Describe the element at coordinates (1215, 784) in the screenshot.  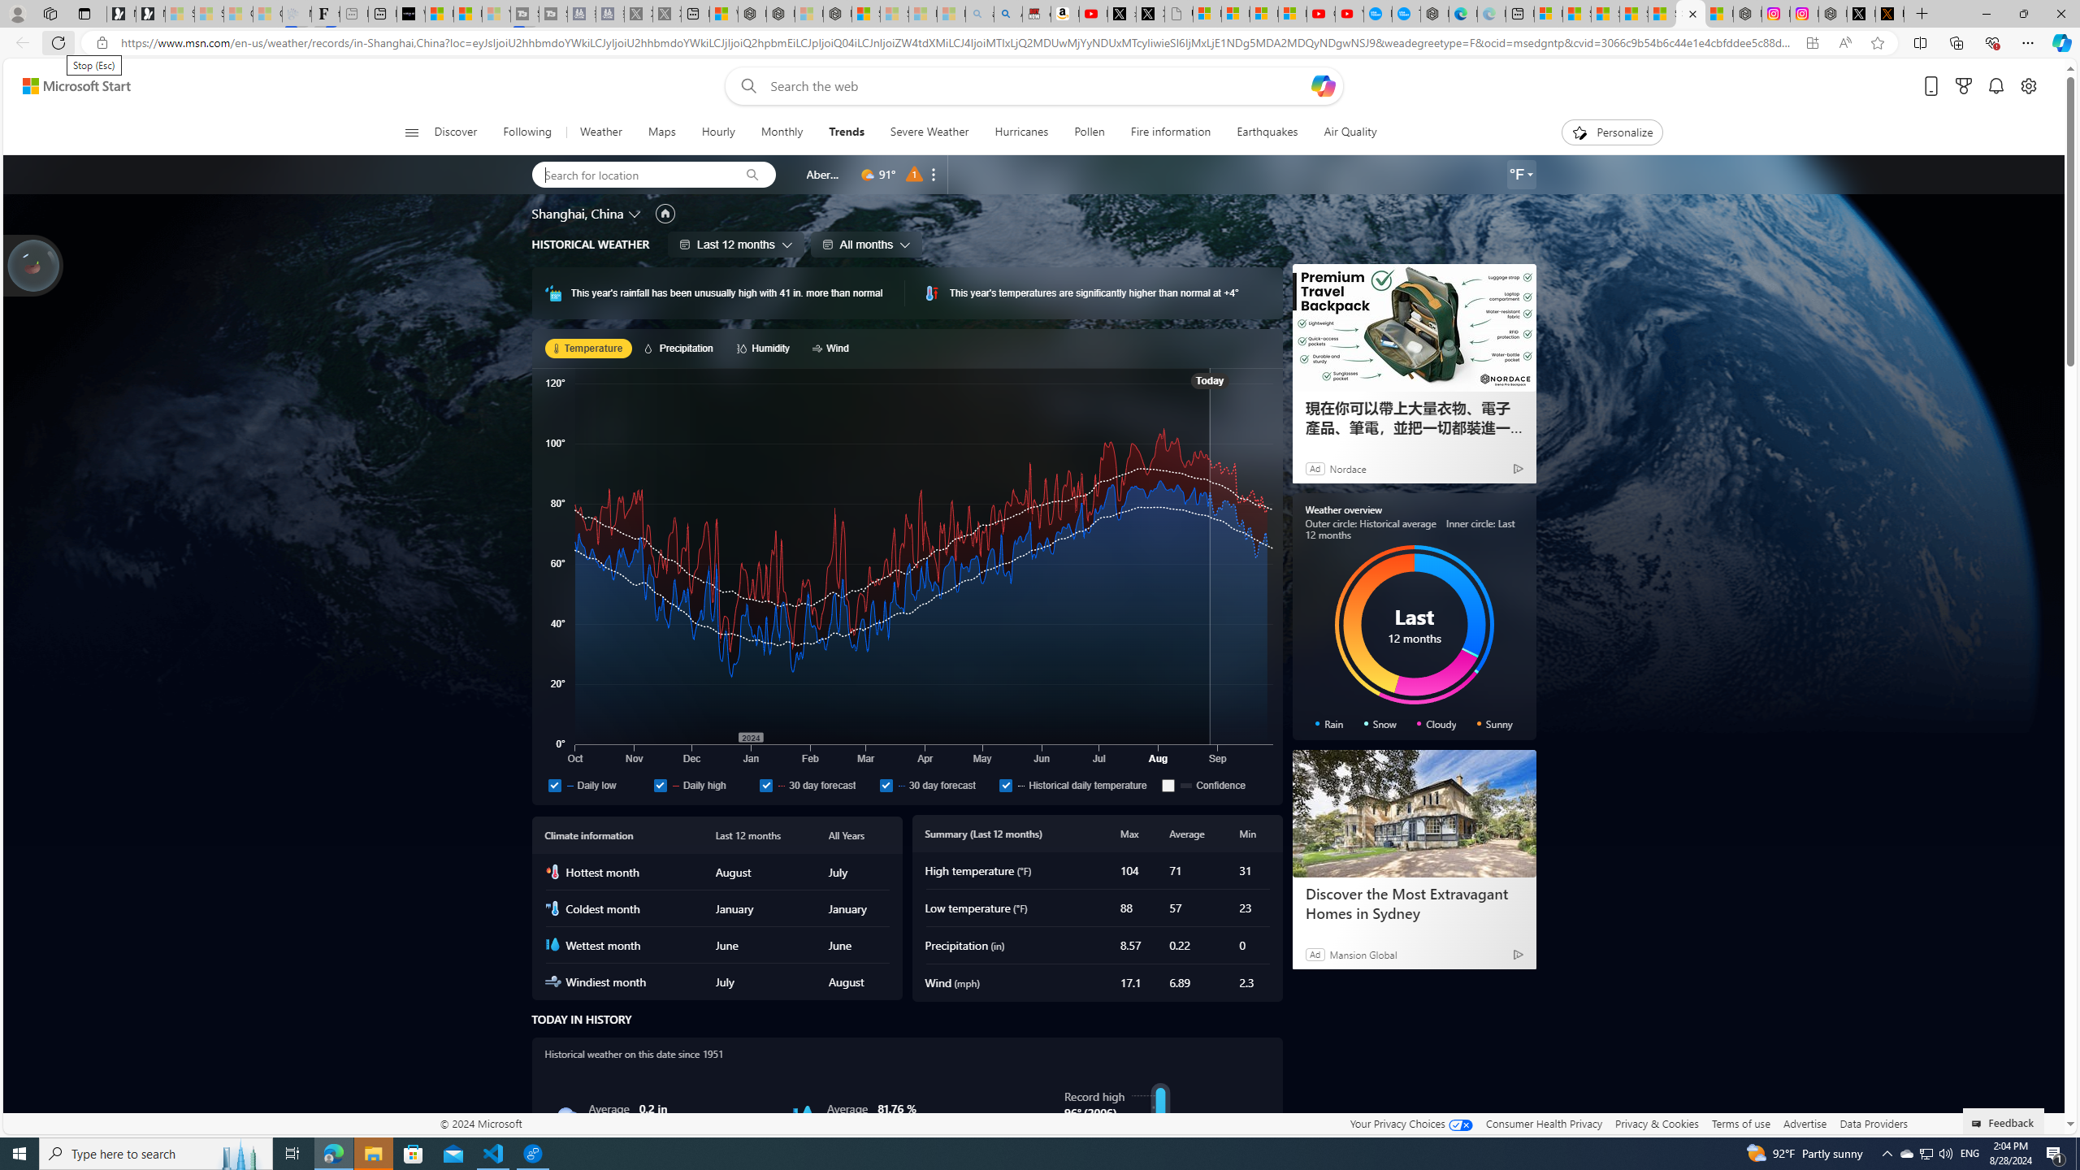
I see `'Confidence'` at that location.